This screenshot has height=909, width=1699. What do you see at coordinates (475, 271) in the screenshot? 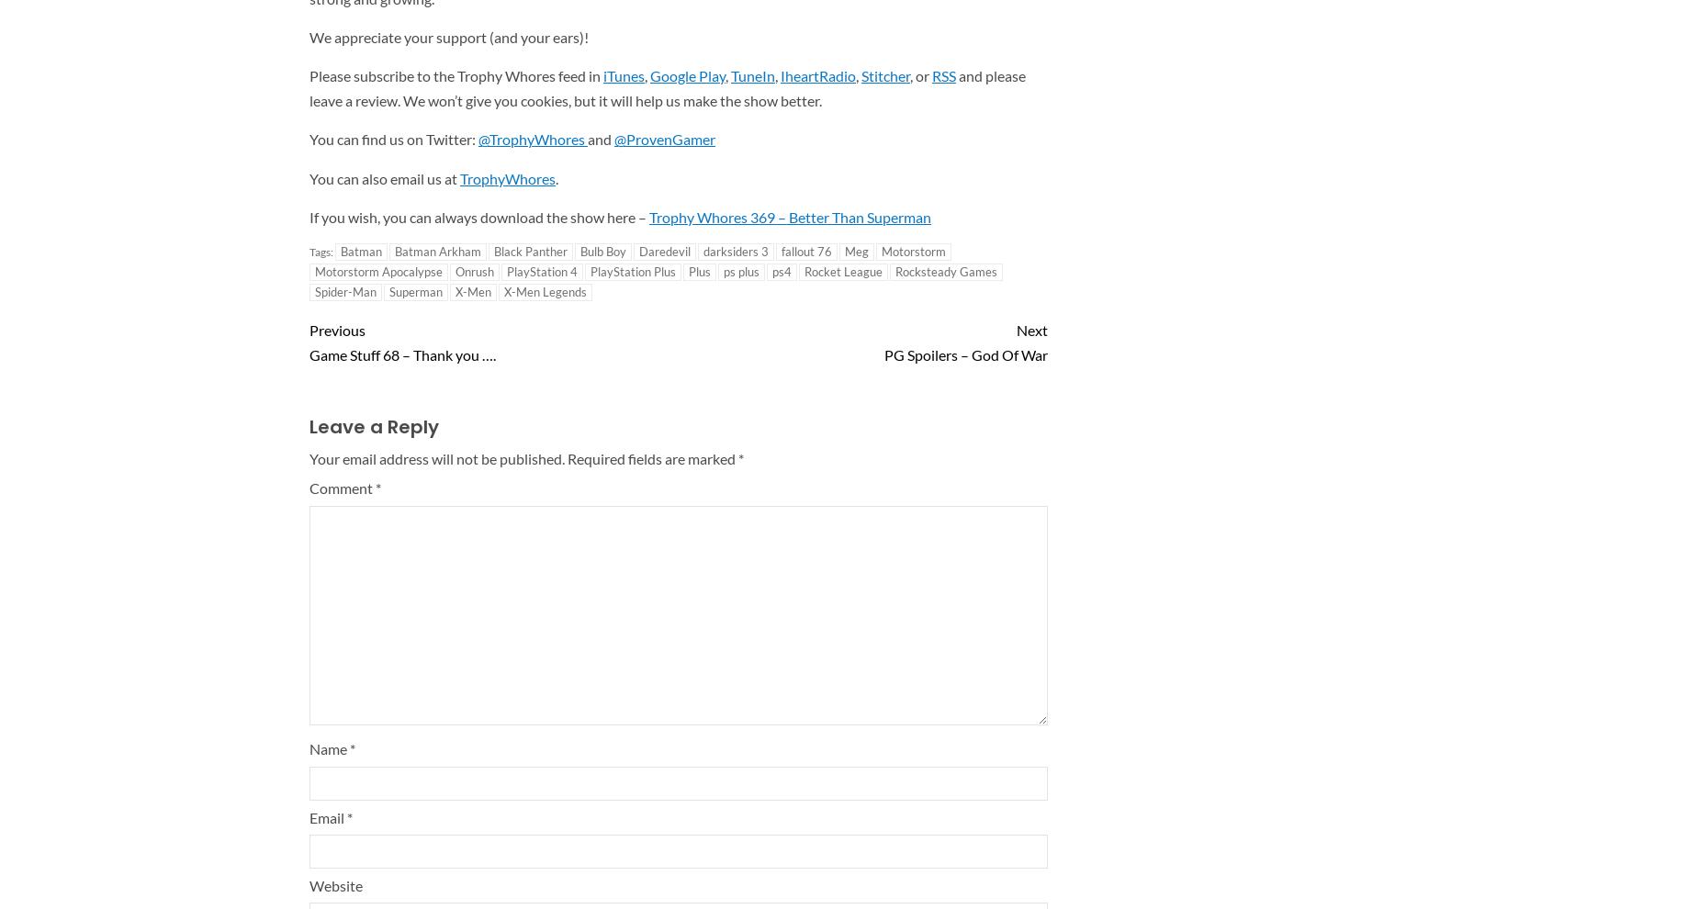
I see `'Onrush'` at bounding box center [475, 271].